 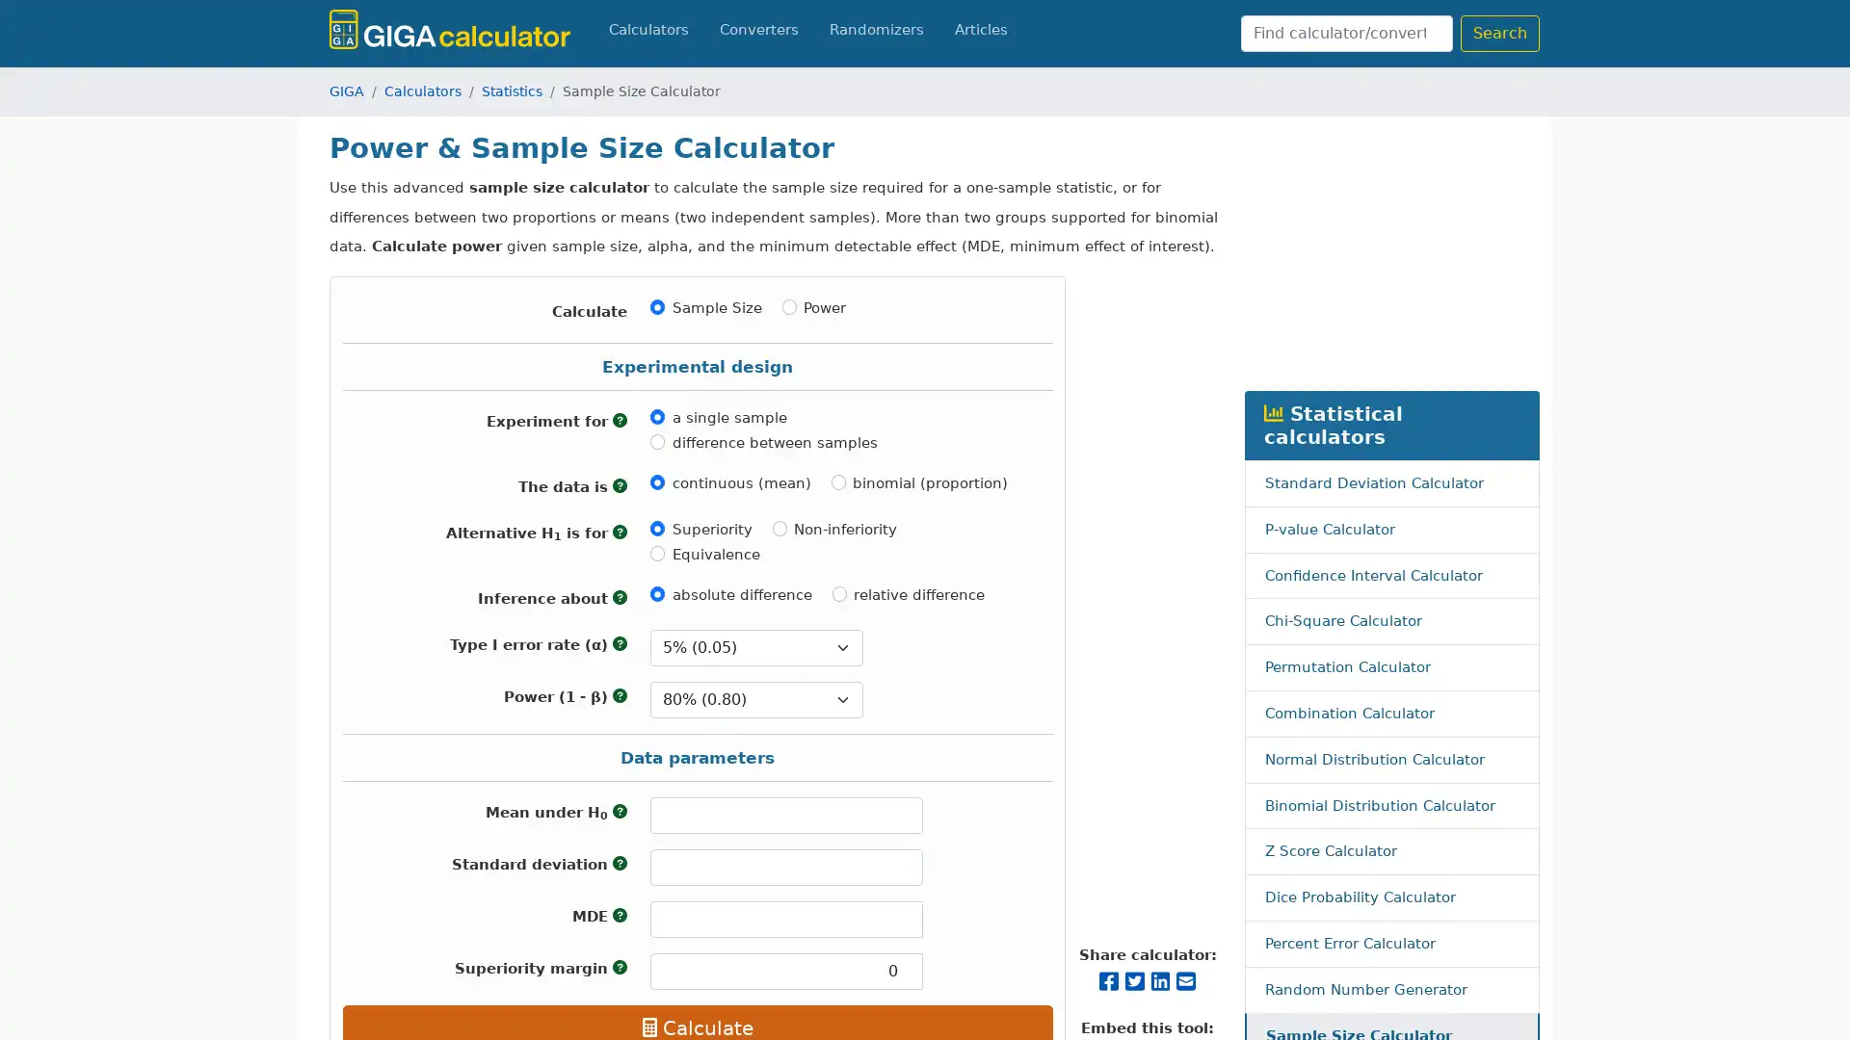 I want to click on Help: Standard deviation, so click(x=619, y=863).